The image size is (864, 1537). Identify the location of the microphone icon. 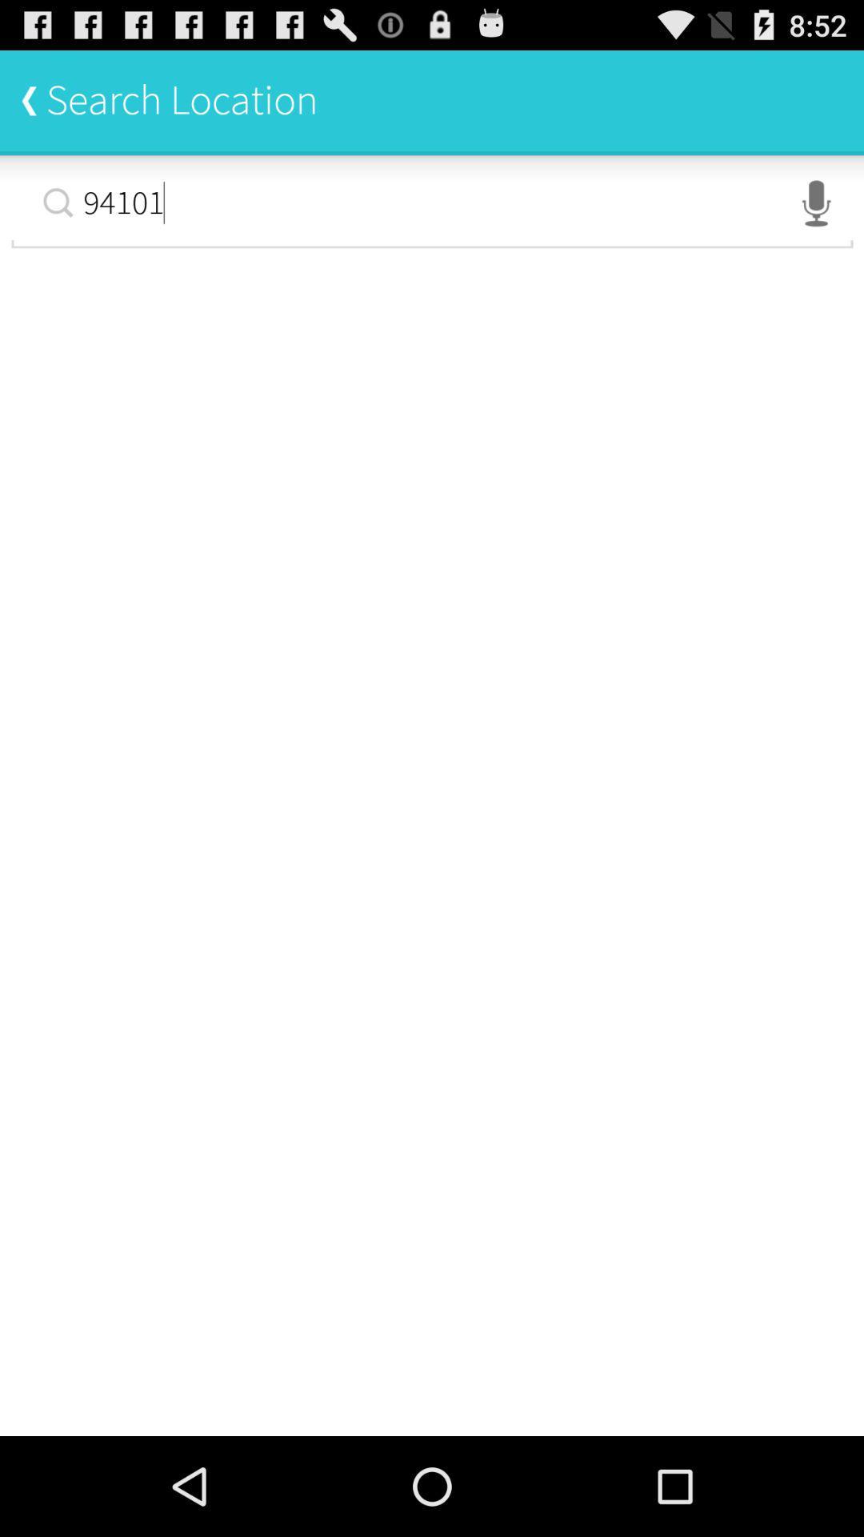
(816, 216).